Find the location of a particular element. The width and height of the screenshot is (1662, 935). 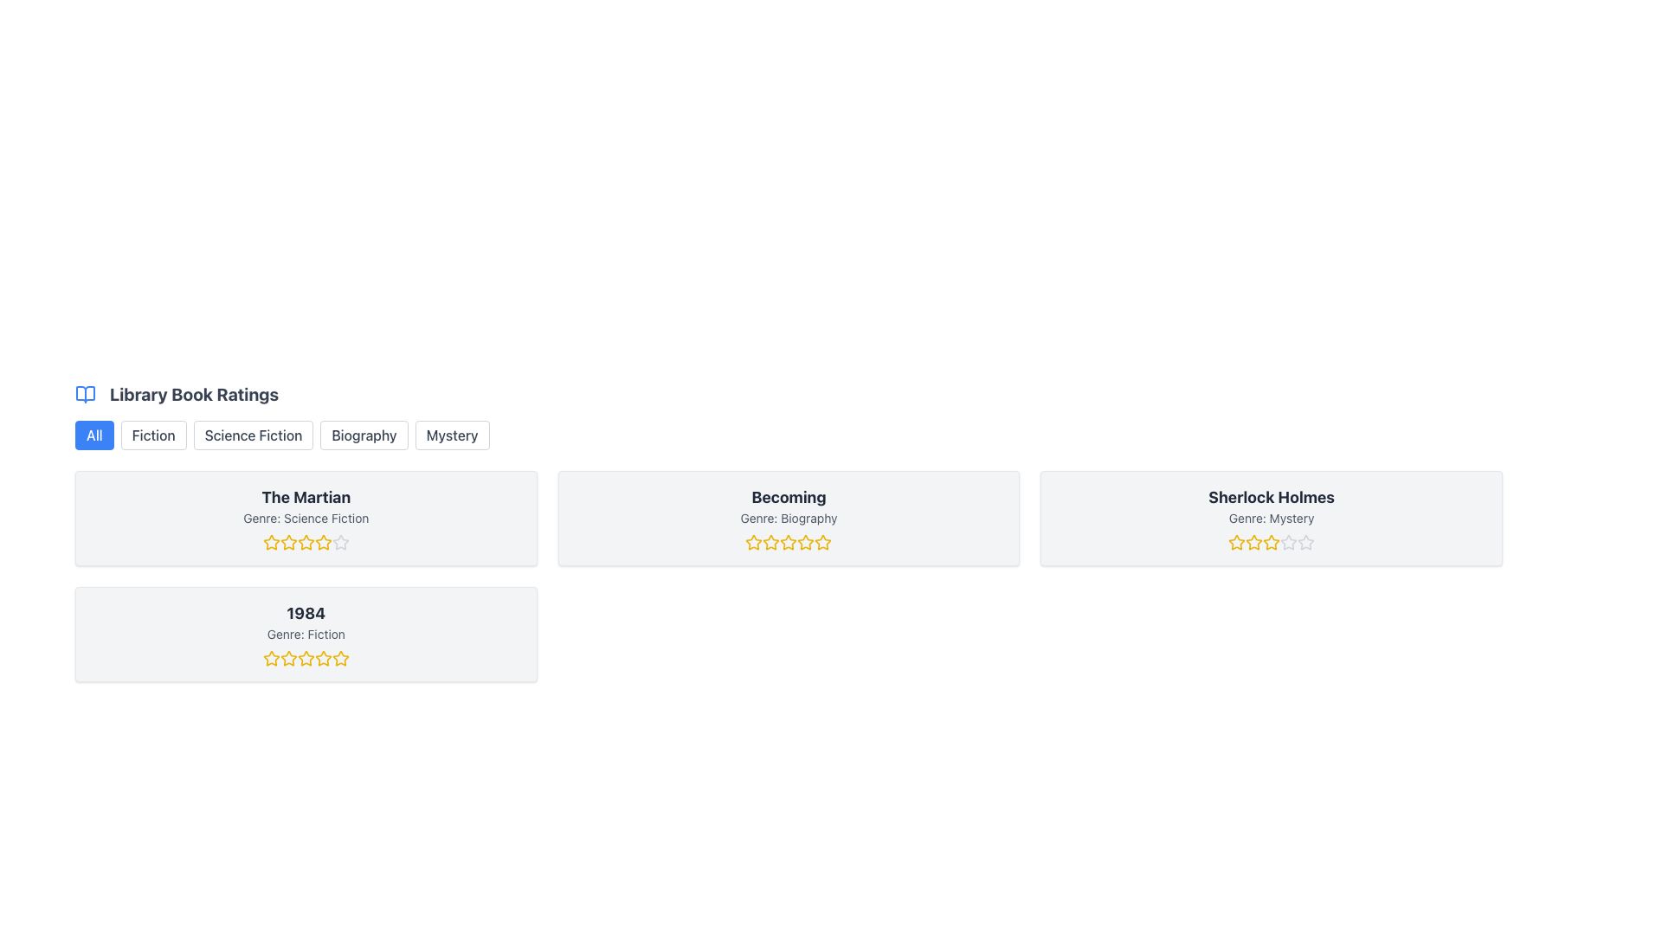

the fifth active rating star under the book titled '1984' is located at coordinates (340, 658).